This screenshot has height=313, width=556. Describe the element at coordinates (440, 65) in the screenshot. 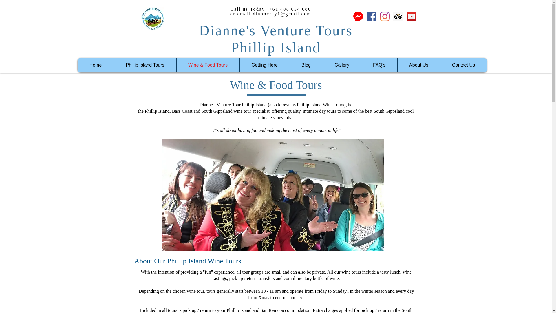

I see `'Contact Us'` at that location.